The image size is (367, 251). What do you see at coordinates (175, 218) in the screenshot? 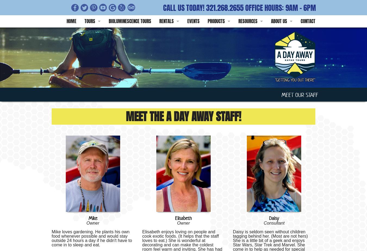
I see `'Elisabeth'` at bounding box center [175, 218].